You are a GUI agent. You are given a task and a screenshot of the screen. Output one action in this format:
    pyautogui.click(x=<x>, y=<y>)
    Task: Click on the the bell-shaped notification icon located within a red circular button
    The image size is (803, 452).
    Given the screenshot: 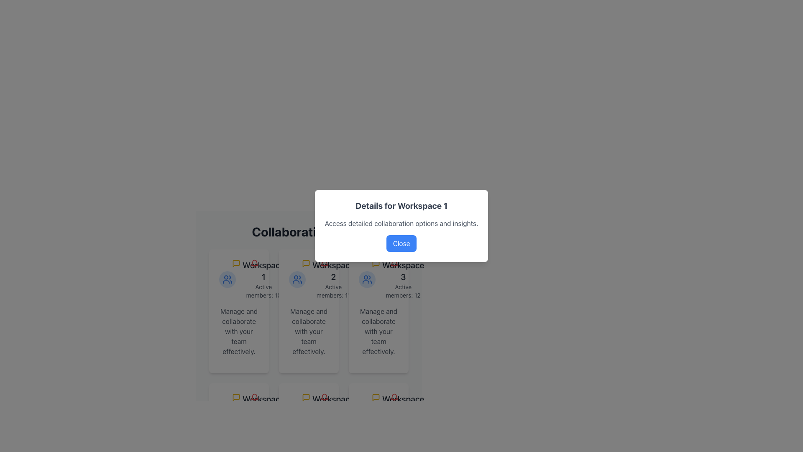 What is the action you would take?
    pyautogui.click(x=324, y=263)
    